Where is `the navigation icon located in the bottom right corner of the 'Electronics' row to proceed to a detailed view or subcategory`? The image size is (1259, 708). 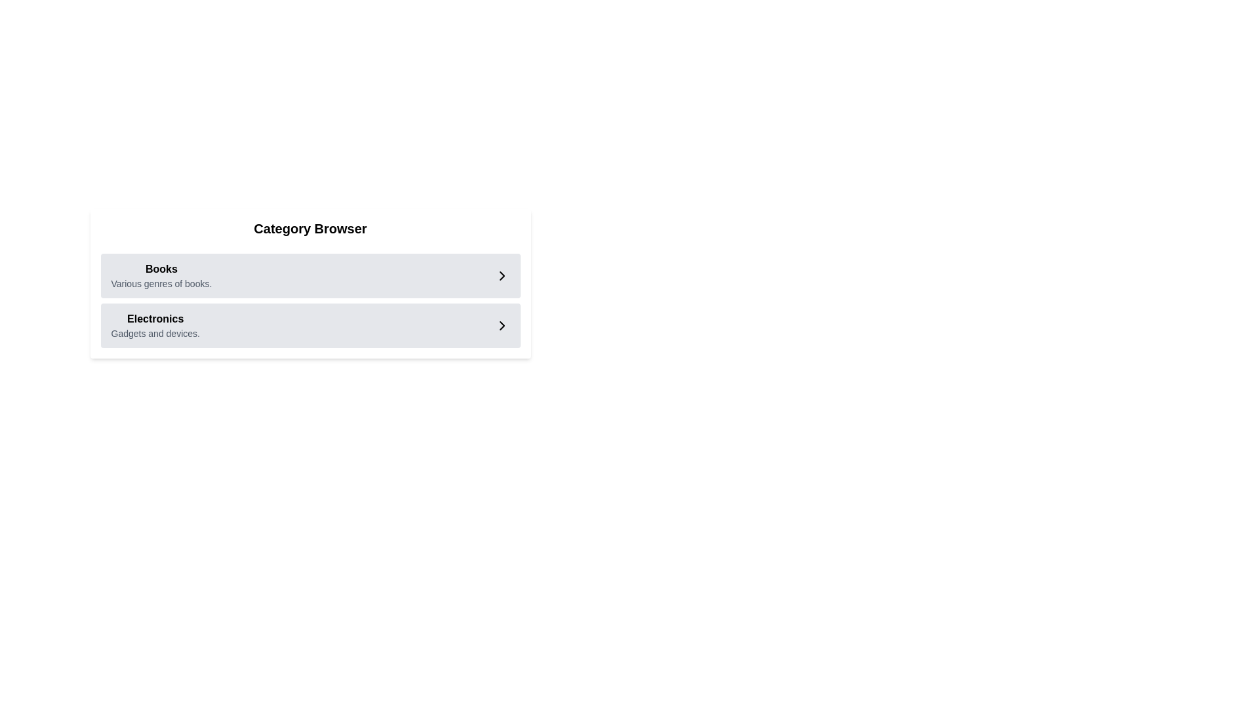
the navigation icon located in the bottom right corner of the 'Electronics' row to proceed to a detailed view or subcategory is located at coordinates (501, 325).